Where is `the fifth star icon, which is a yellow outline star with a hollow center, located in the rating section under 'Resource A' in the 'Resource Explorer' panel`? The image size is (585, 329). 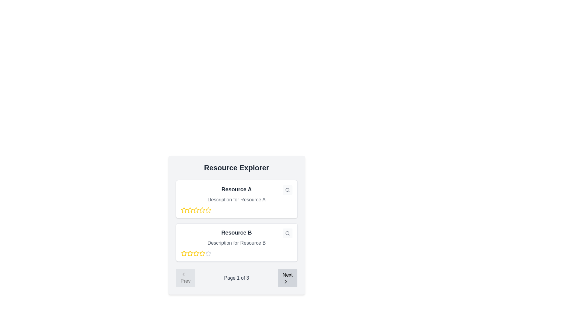 the fifth star icon, which is a yellow outline star with a hollow center, located in the rating section under 'Resource A' in the 'Resource Explorer' panel is located at coordinates (202, 210).